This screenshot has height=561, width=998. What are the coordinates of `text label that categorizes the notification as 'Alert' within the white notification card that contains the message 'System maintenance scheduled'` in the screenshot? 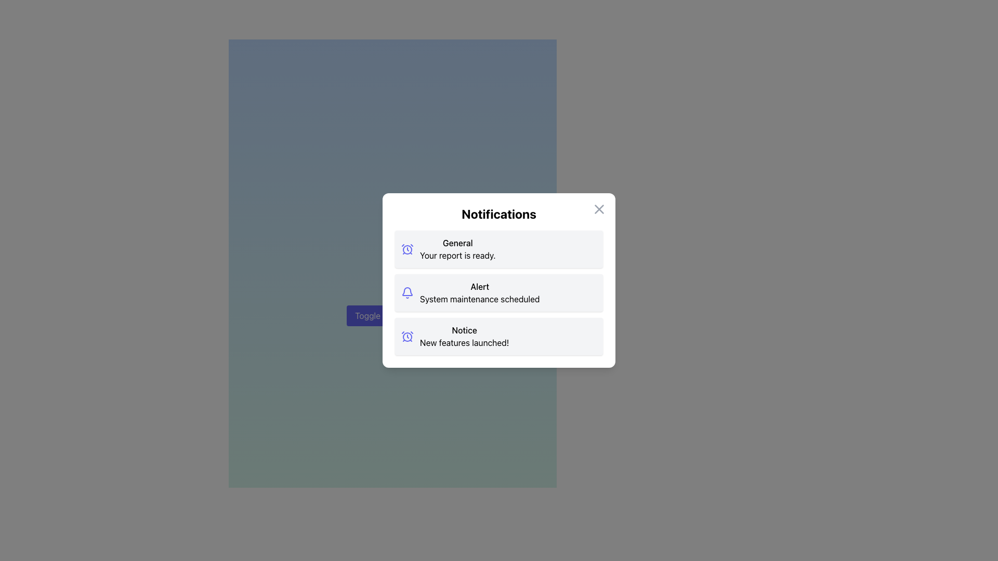 It's located at (479, 286).